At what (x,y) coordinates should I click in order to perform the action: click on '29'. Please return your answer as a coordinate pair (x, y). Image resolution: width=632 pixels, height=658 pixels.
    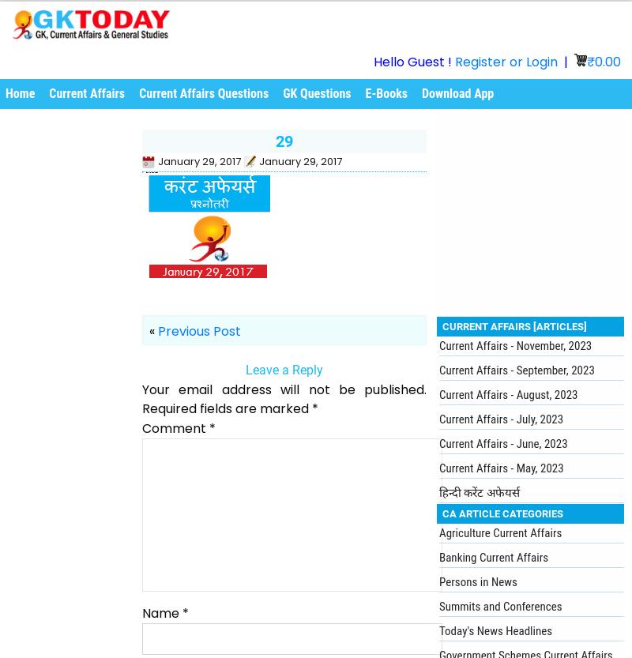
    Looking at the image, I should click on (276, 141).